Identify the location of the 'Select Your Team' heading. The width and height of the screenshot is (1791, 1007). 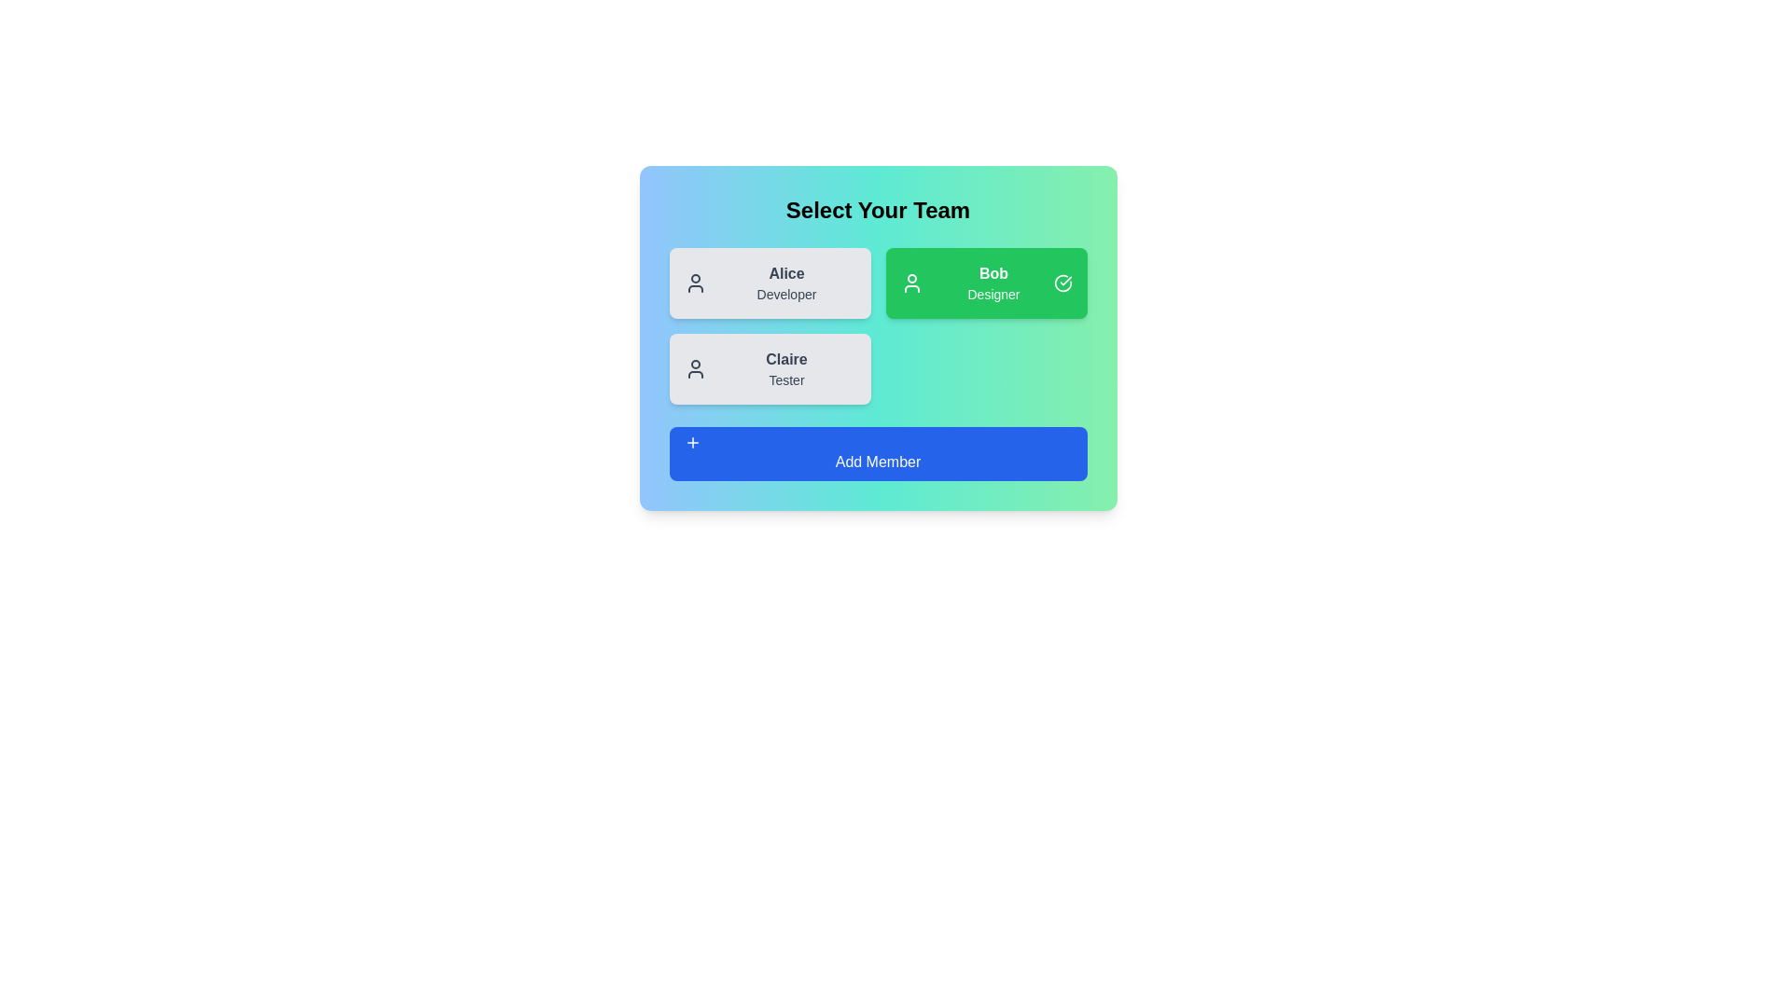
(877, 210).